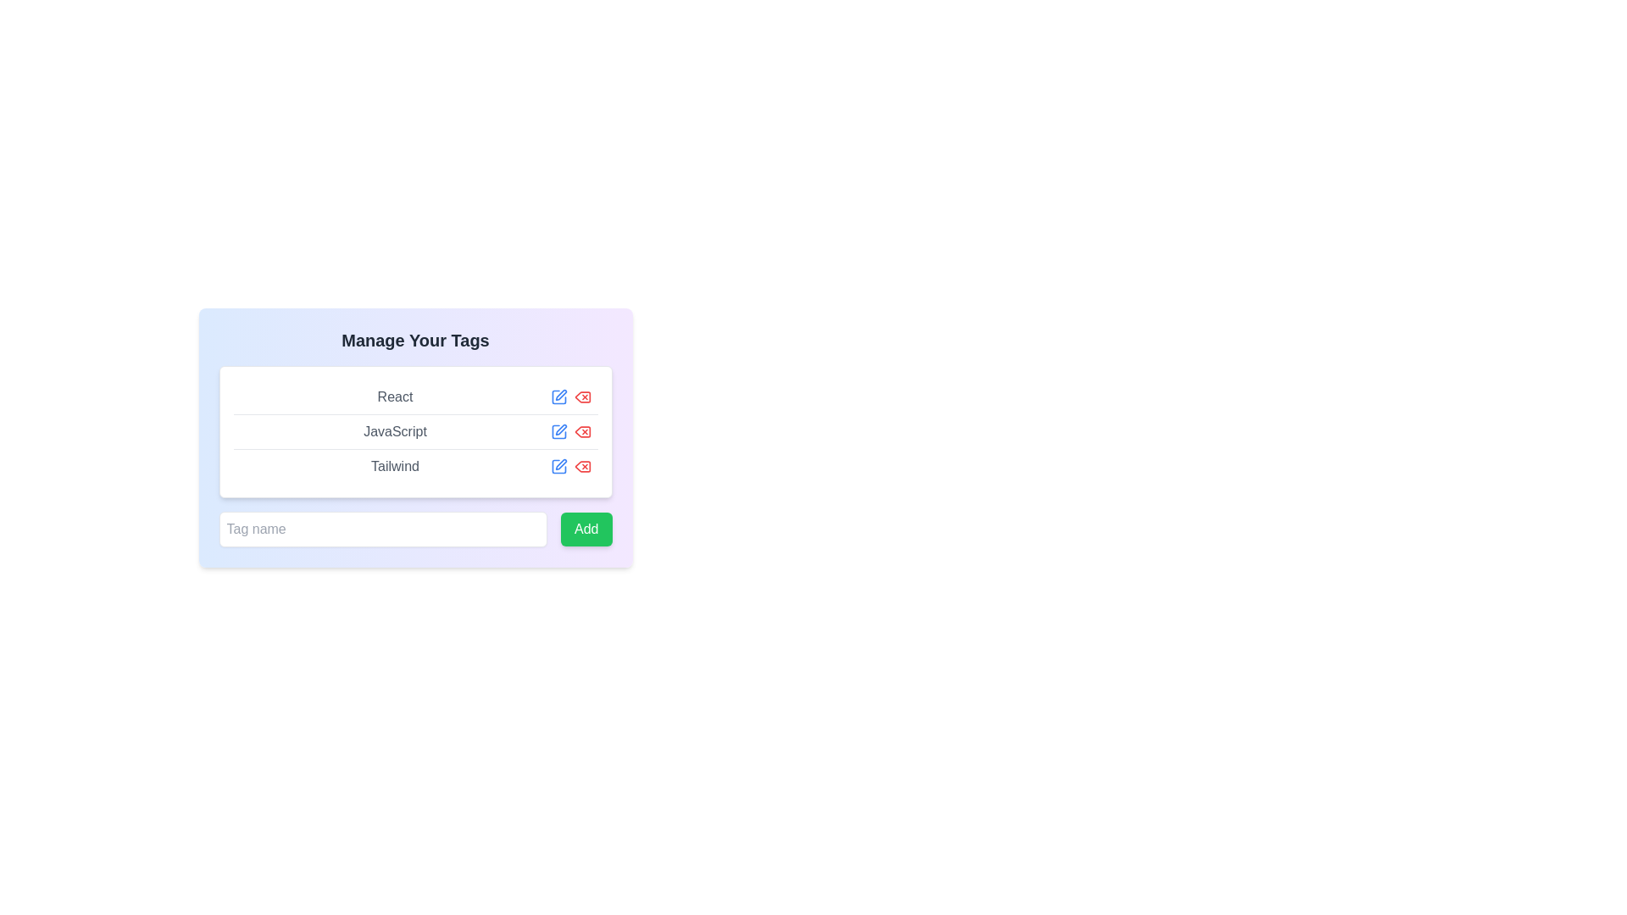 This screenshot has height=915, width=1627. Describe the element at coordinates (561, 429) in the screenshot. I see `the SVG-based pencil icon that signifies an edit or writing action` at that location.